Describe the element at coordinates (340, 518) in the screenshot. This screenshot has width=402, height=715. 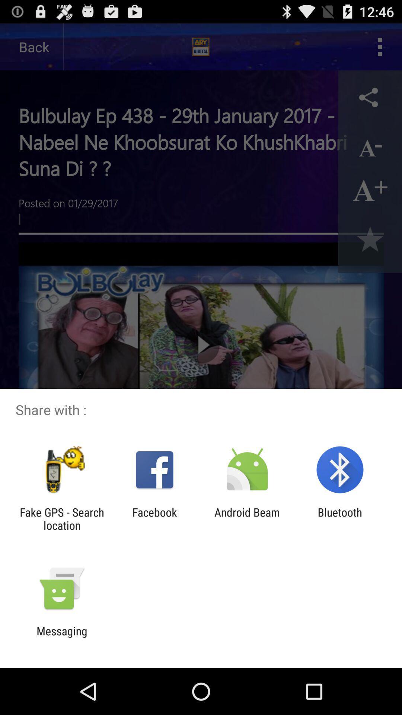
I see `bluetooth item` at that location.